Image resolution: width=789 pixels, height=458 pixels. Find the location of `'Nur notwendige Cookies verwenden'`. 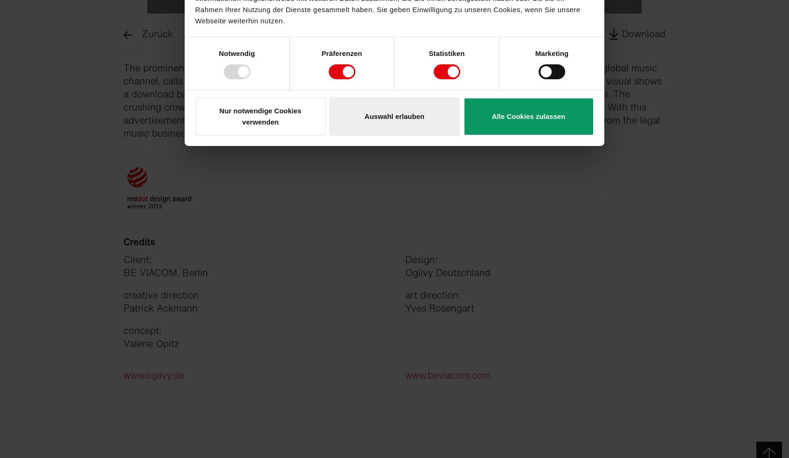

'Nur notwendige Cookies verwenden' is located at coordinates (260, 116).